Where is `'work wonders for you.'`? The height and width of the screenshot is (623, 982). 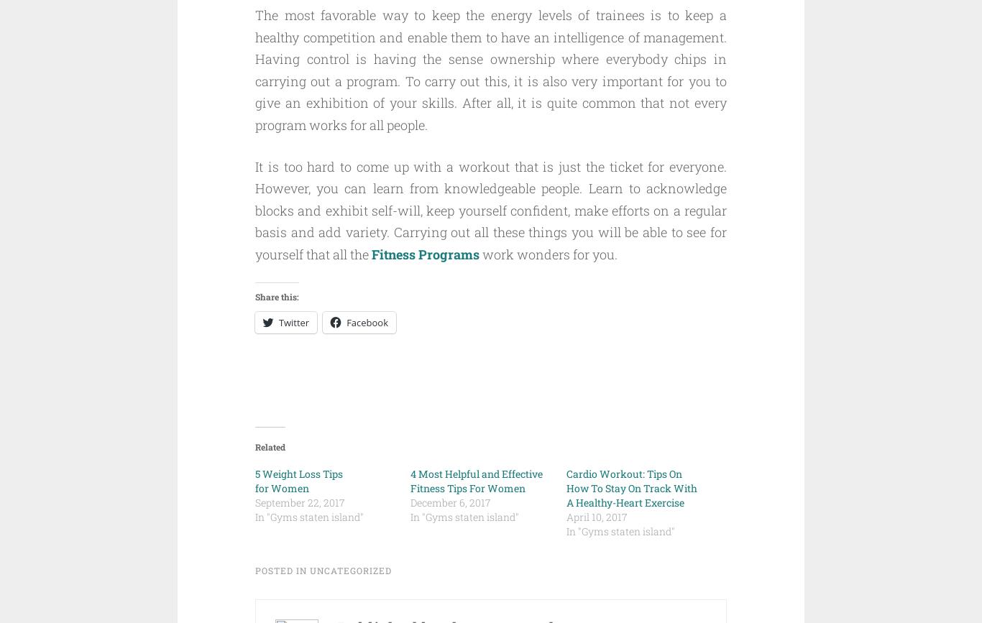 'work wonders for you.' is located at coordinates (549, 254).